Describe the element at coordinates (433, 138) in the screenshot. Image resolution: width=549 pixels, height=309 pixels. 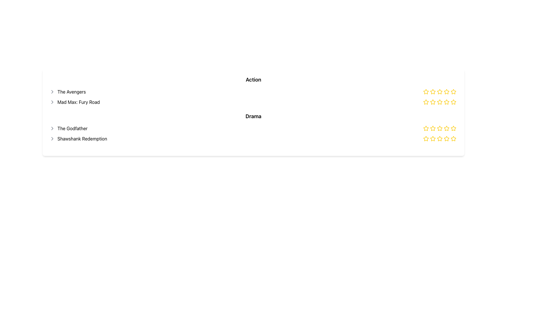
I see `the first star in the third row of rating stars for the item 'Shawshank Redemption' in the 'Drama' section to rate it` at that location.